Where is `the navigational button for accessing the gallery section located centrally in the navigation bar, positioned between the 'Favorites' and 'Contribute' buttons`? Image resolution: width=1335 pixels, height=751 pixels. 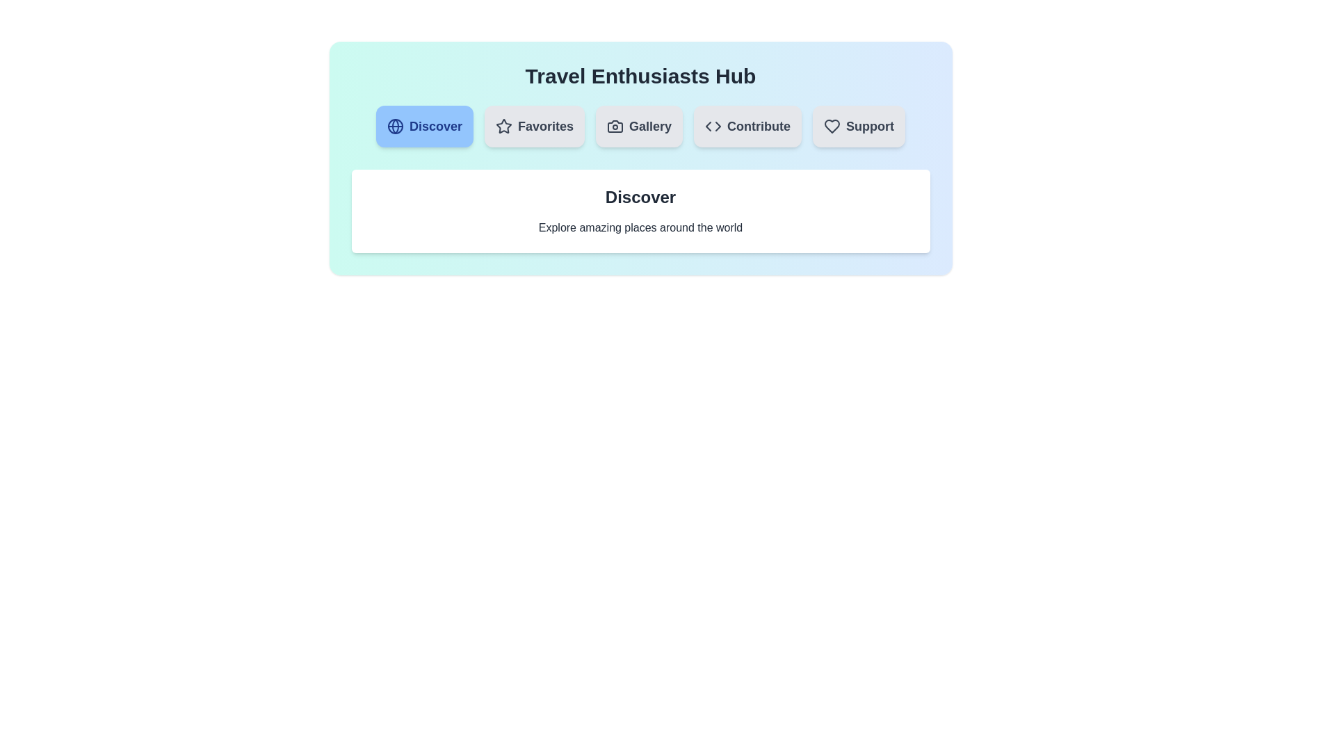 the navigational button for accessing the gallery section located centrally in the navigation bar, positioned between the 'Favorites' and 'Contribute' buttons is located at coordinates (638, 126).